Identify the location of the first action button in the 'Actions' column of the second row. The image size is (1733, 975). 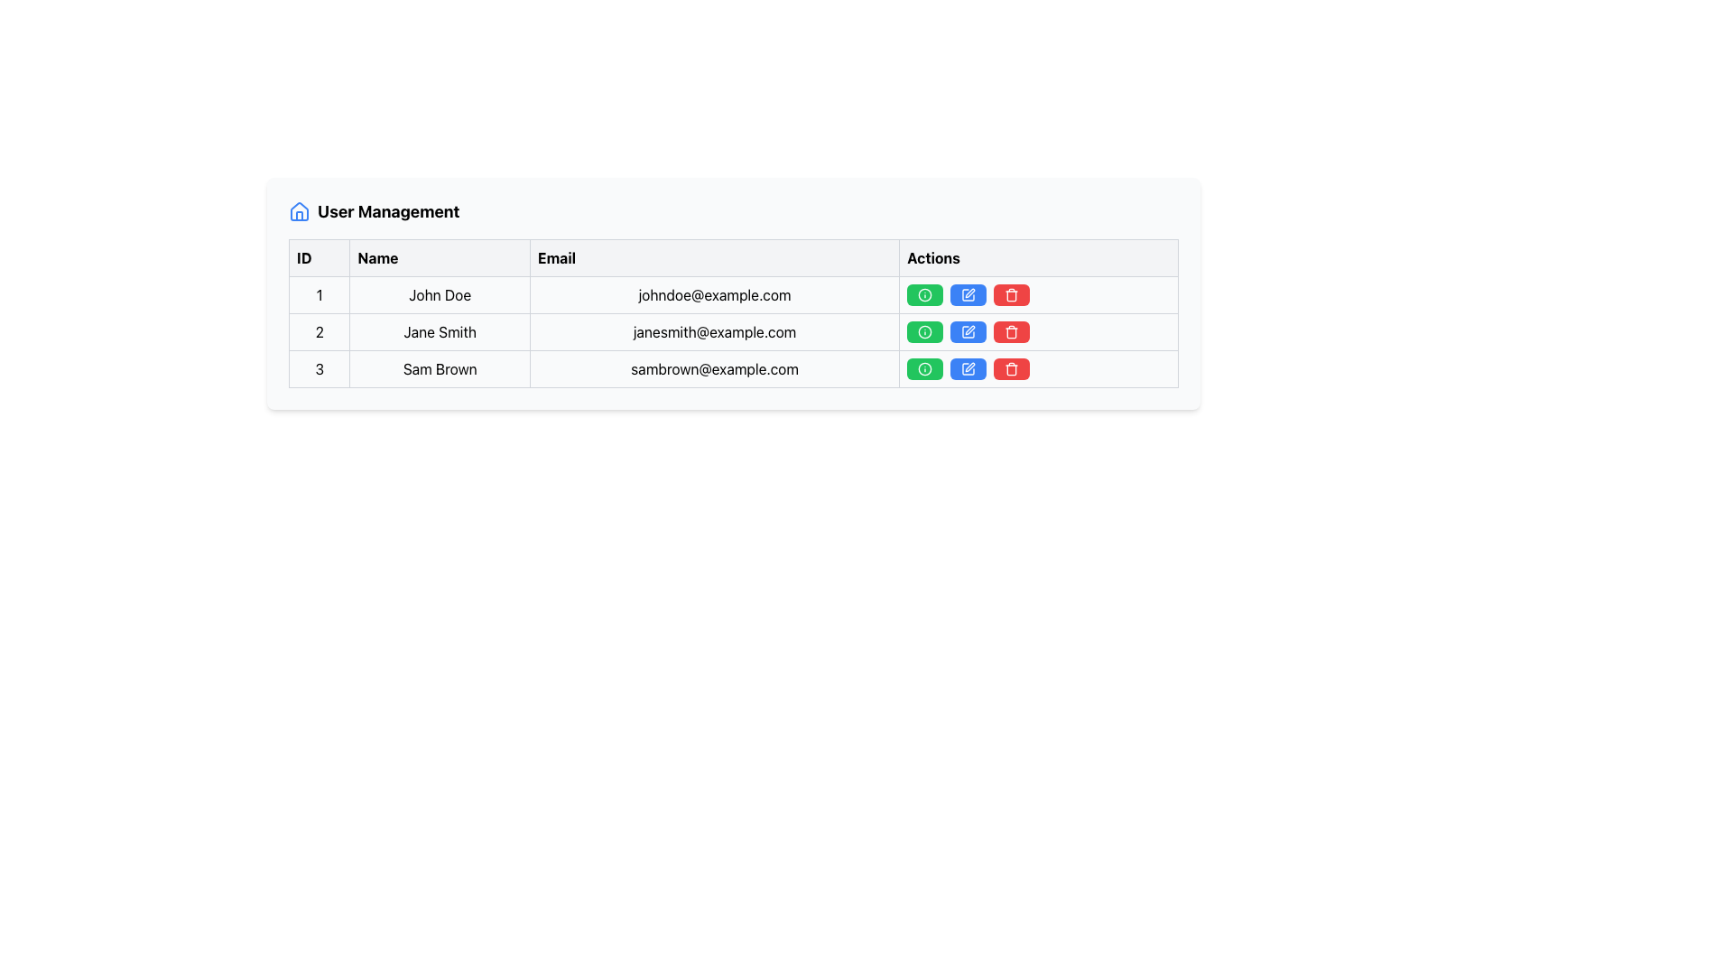
(925, 331).